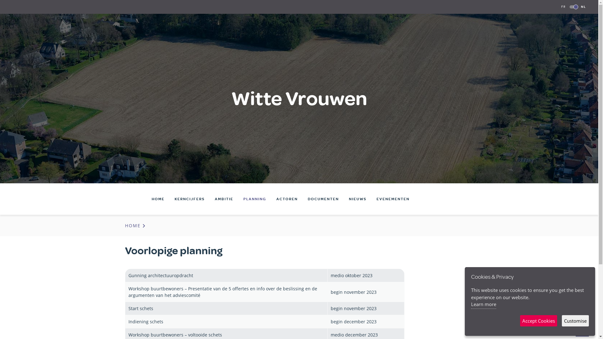  Describe the element at coordinates (393, 199) in the screenshot. I see `'EVENEMENTEN'` at that location.